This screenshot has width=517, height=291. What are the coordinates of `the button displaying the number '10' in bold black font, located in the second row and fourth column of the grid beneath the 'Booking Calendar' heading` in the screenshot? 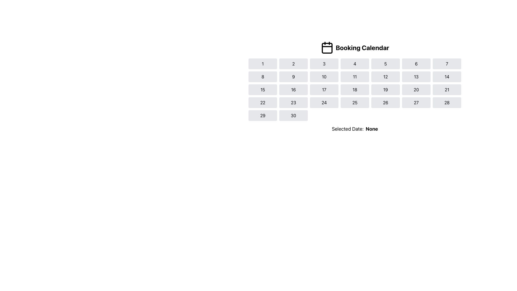 It's located at (324, 77).